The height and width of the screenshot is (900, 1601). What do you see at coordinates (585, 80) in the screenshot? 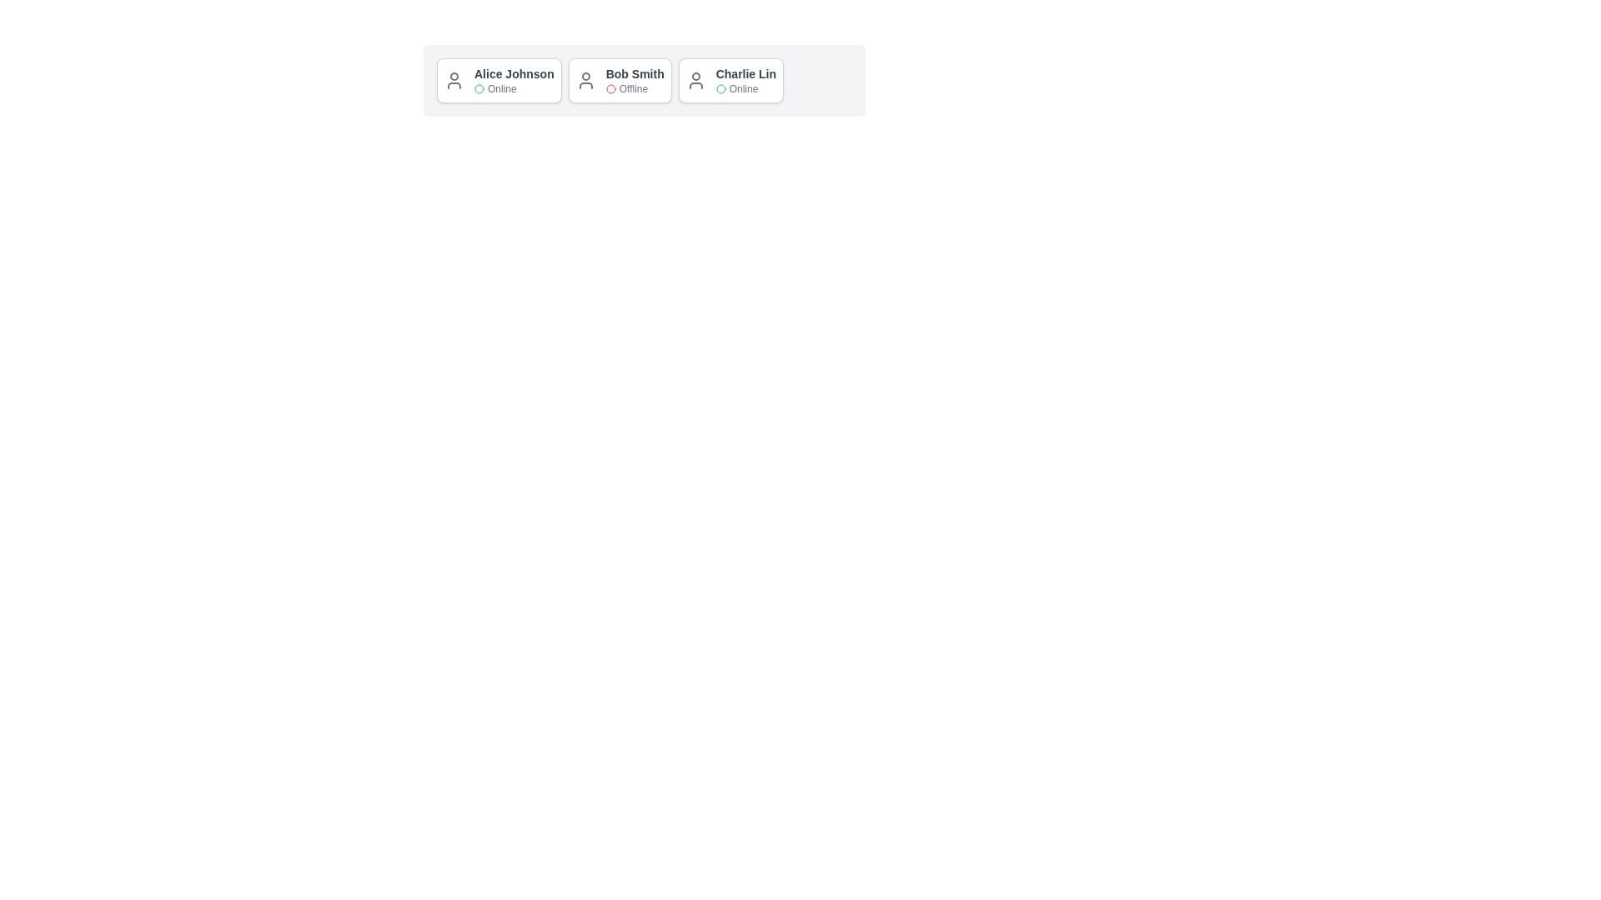
I see `the user icon corresponding to Bob Smith` at bounding box center [585, 80].